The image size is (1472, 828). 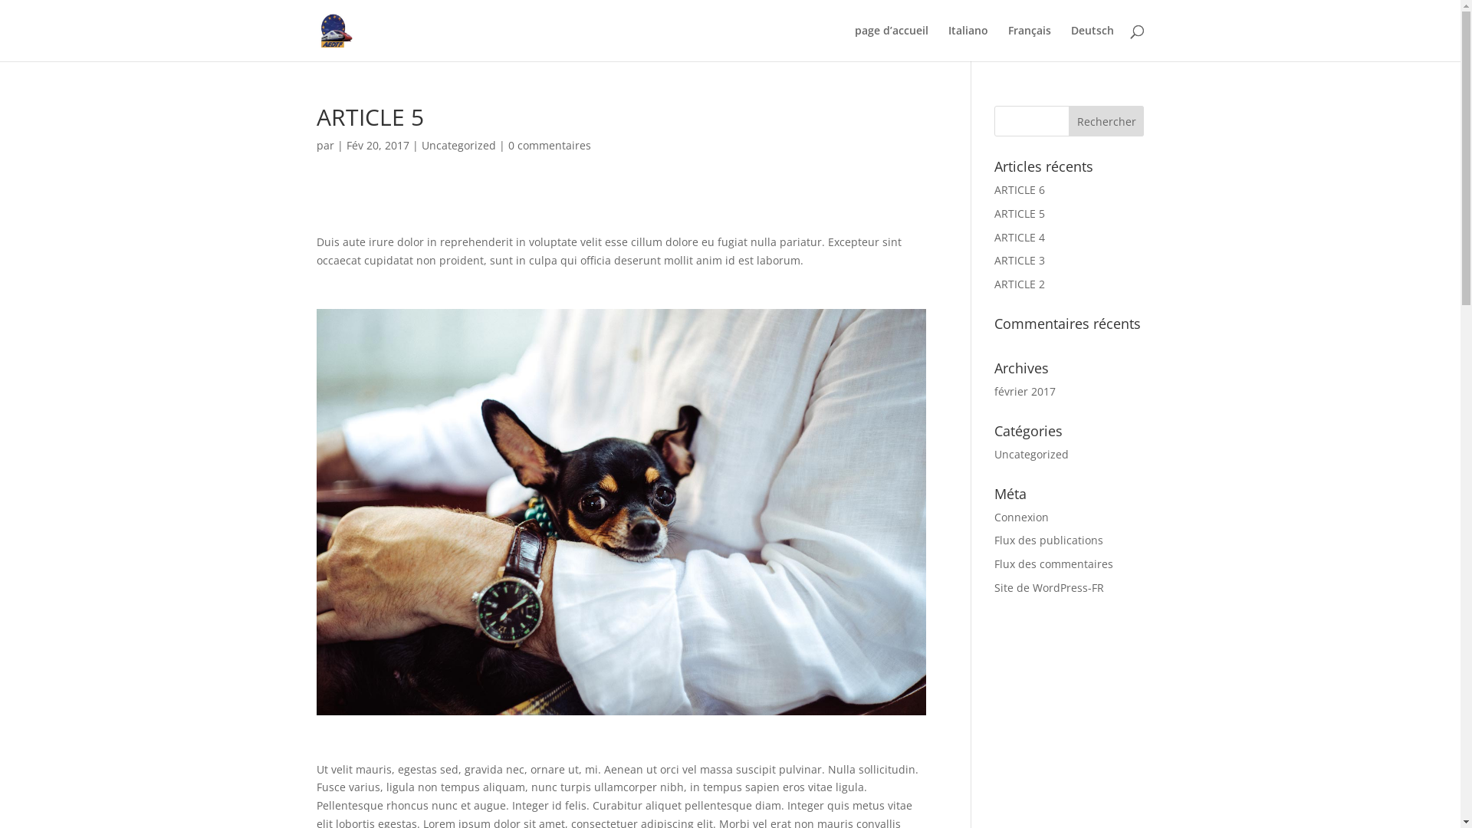 What do you see at coordinates (1019, 259) in the screenshot?
I see `'ARTICLE 3'` at bounding box center [1019, 259].